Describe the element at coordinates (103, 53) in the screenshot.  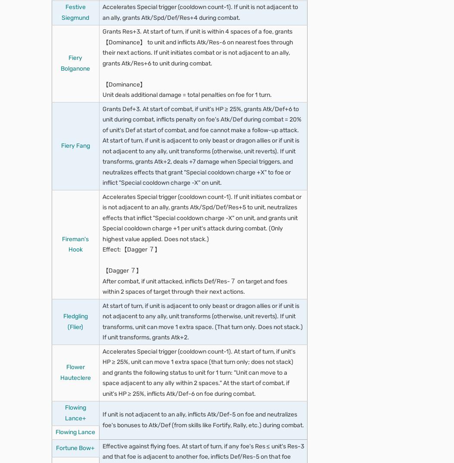
I see `'Community content is available under'` at that location.